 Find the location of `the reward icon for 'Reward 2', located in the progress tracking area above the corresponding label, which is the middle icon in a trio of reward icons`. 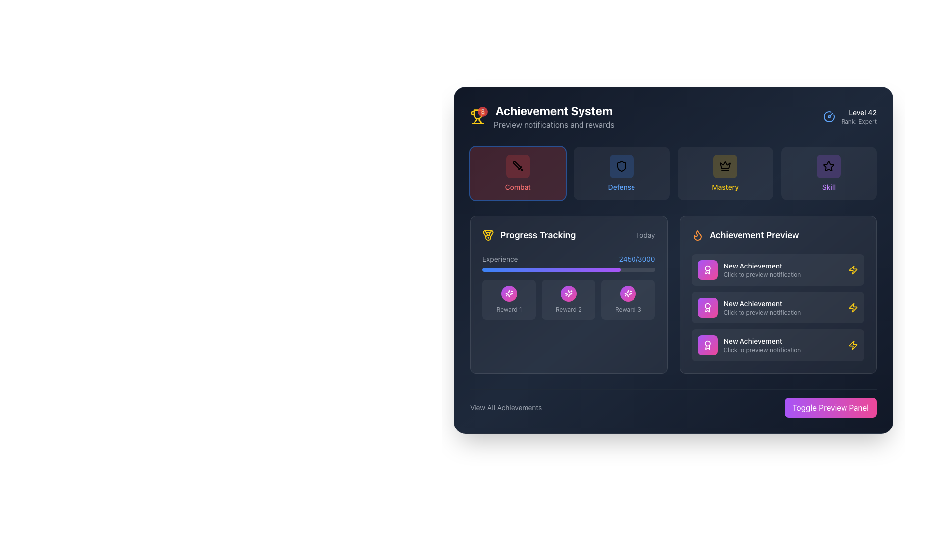

the reward icon for 'Reward 2', located in the progress tracking area above the corresponding label, which is the middle icon in a trio of reward icons is located at coordinates (509, 293).